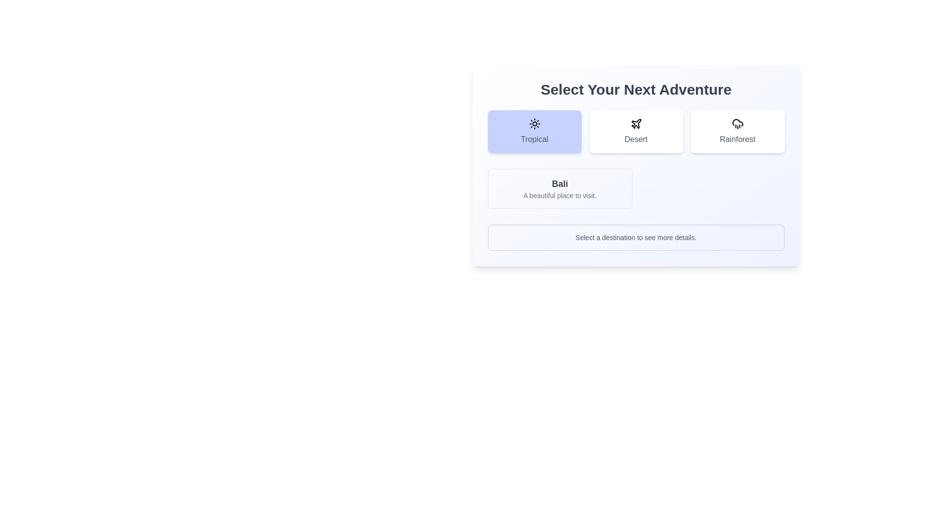 The width and height of the screenshot is (937, 527). Describe the element at coordinates (737, 123) in the screenshot. I see `the small cloud icon with rain drops located within the 'Rainforest' button, which is the third button in the row of three under the 'Select Your Next Adventure' heading` at that location.